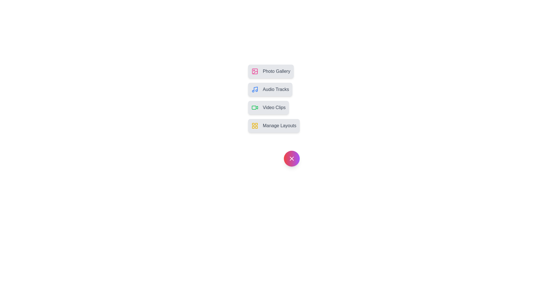  What do you see at coordinates (292, 158) in the screenshot?
I see `the 'X' icon within the circular button that has a gradient background from red to purple` at bounding box center [292, 158].